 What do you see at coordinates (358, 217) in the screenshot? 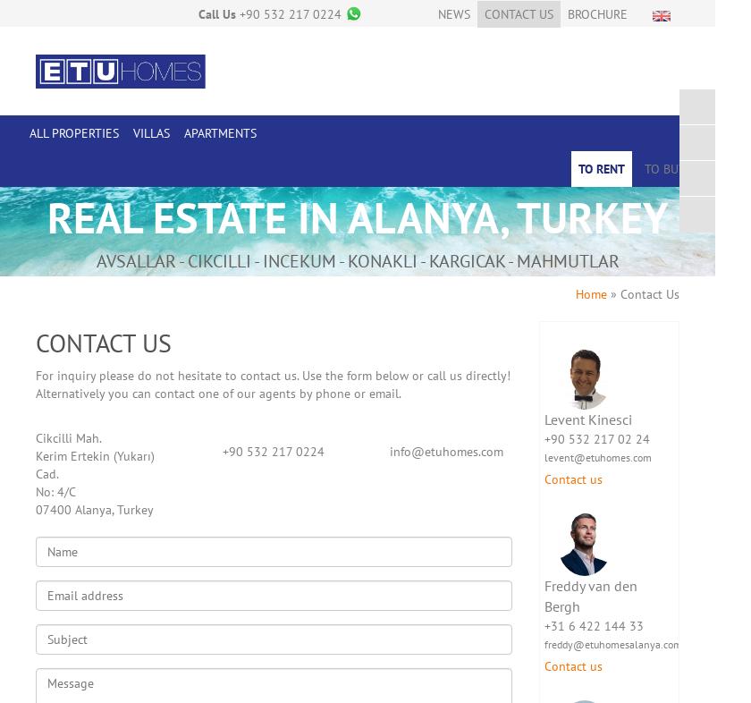
I see `'Real estate in Alanya, Turkey'` at bounding box center [358, 217].